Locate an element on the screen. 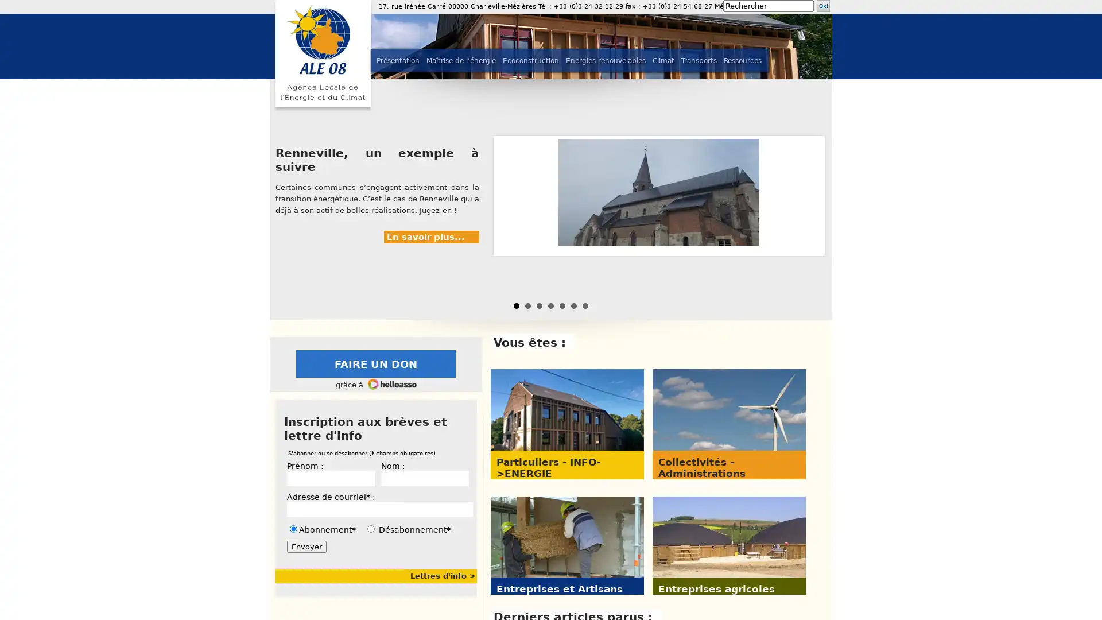  Envoyer is located at coordinates (306, 545).